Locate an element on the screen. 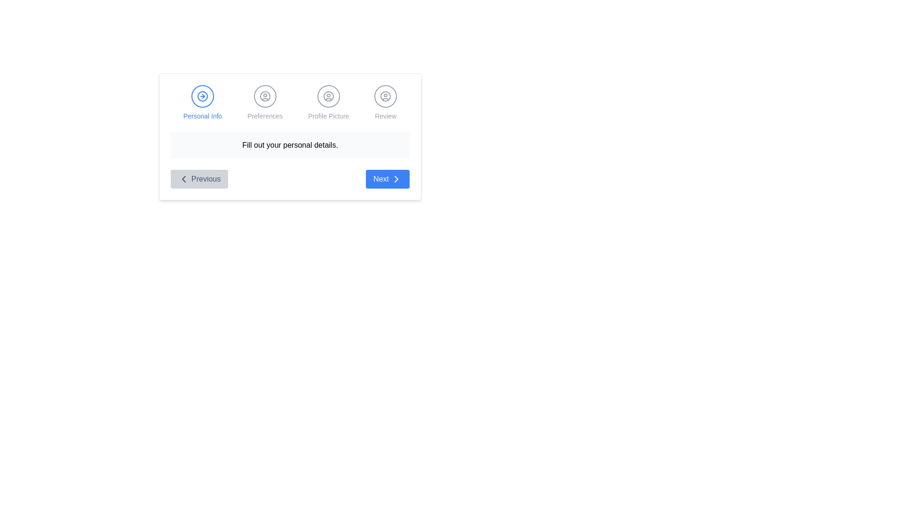  the informational text block that prompts users to fill in their personal details, located below the navigation section and above the action buttons is located at coordinates (290, 145).